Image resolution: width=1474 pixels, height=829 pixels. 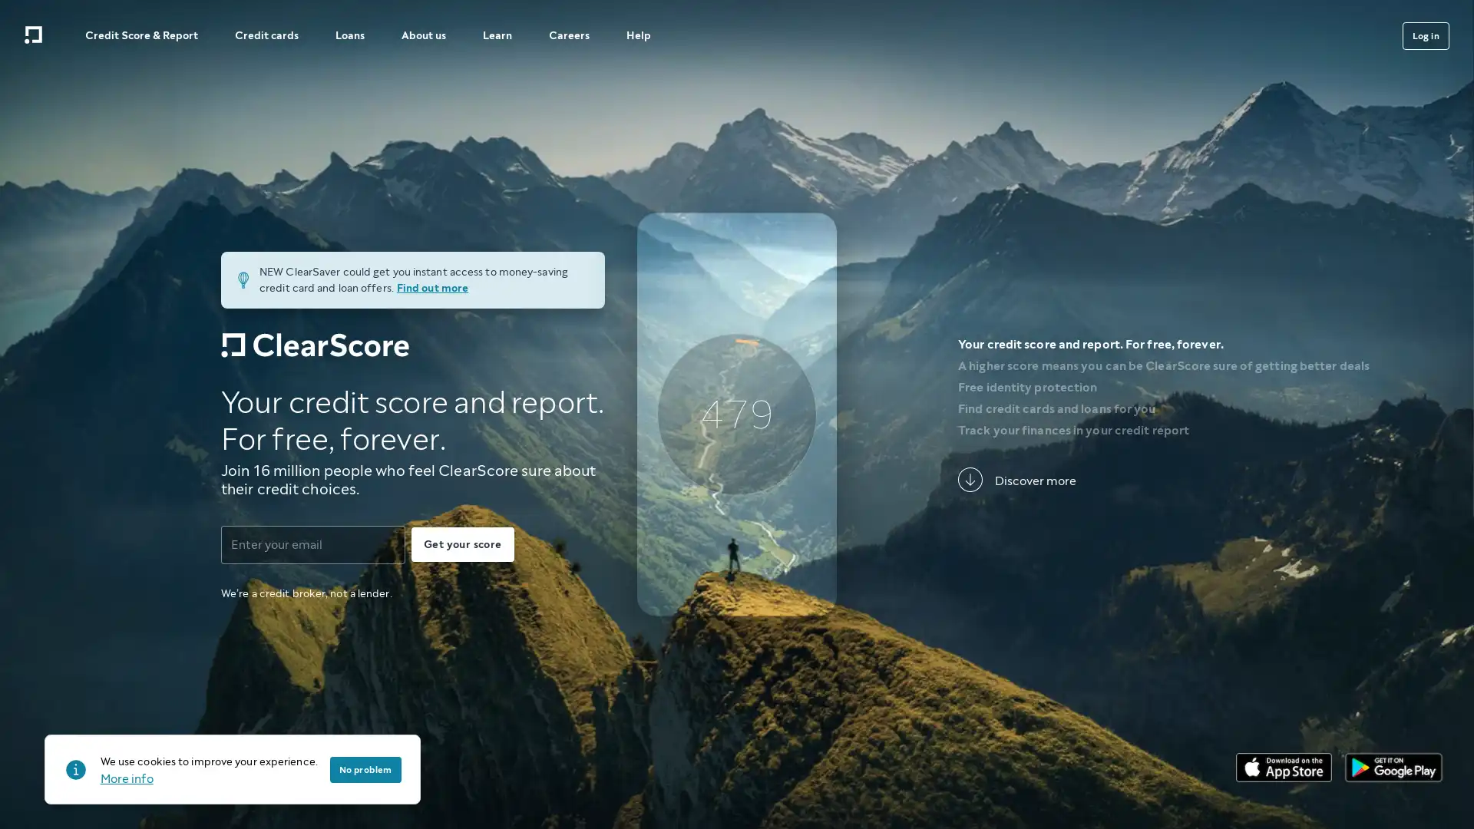 What do you see at coordinates (1393, 767) in the screenshot?
I see `Get it on Google Play` at bounding box center [1393, 767].